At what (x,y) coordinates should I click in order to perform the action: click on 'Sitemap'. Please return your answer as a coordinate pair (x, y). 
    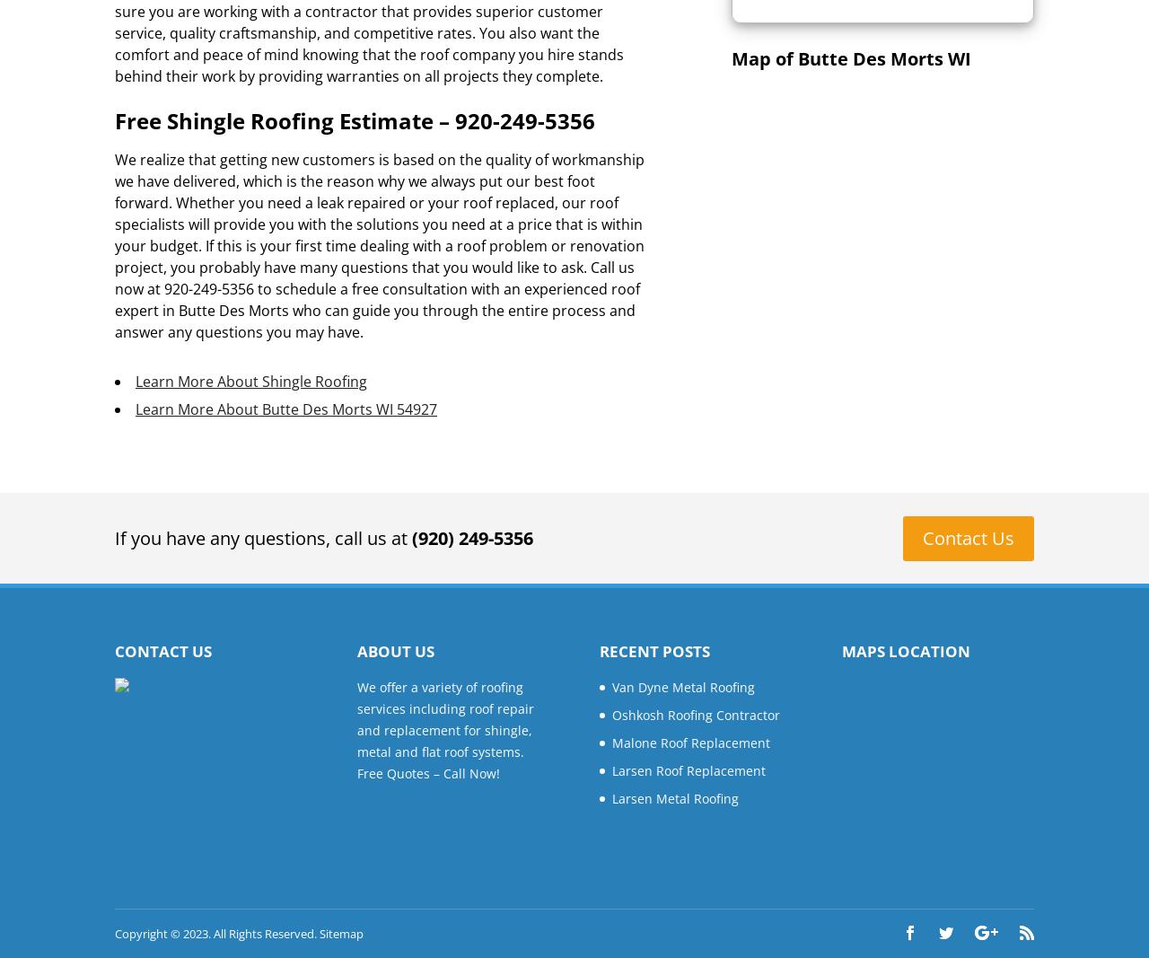
    Looking at the image, I should click on (341, 933).